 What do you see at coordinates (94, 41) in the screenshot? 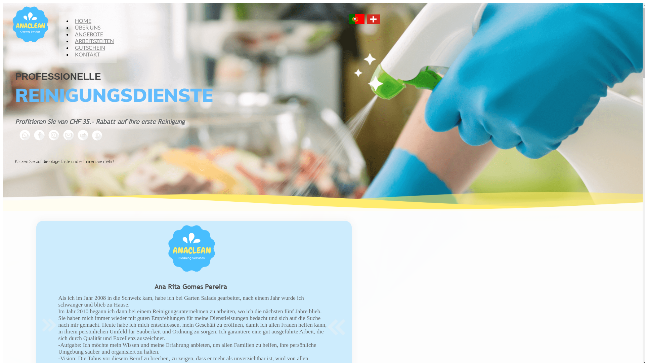
I see `'ARBEITSZEITEN'` at bounding box center [94, 41].